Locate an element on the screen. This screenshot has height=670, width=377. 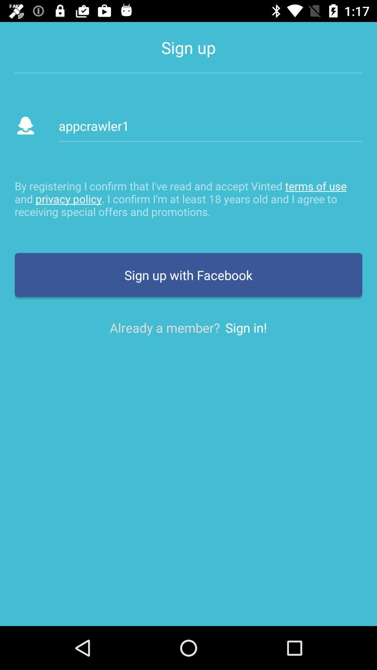
appcrawler1 is located at coordinates (210, 126).